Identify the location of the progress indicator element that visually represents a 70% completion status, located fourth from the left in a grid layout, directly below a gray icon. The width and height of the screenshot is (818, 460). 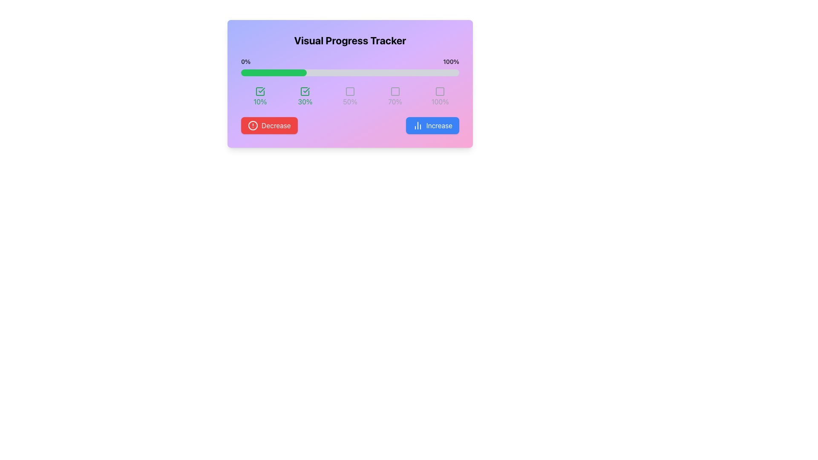
(395, 96).